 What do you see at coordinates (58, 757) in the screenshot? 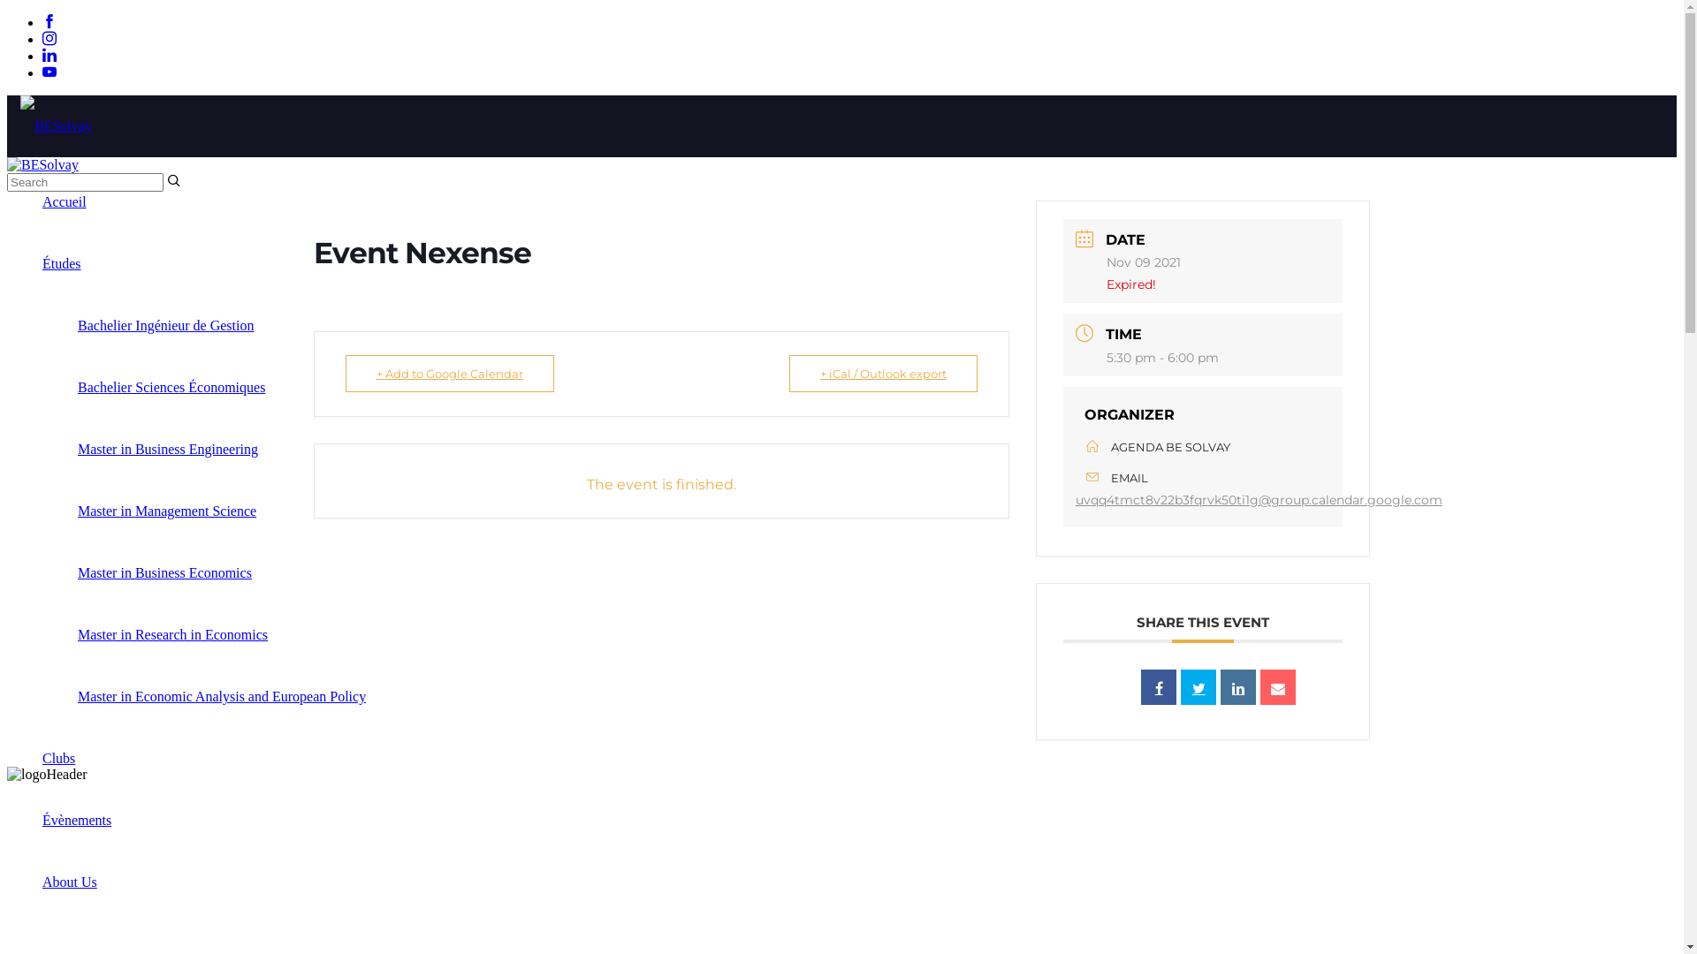
I see `'Clubs'` at bounding box center [58, 757].